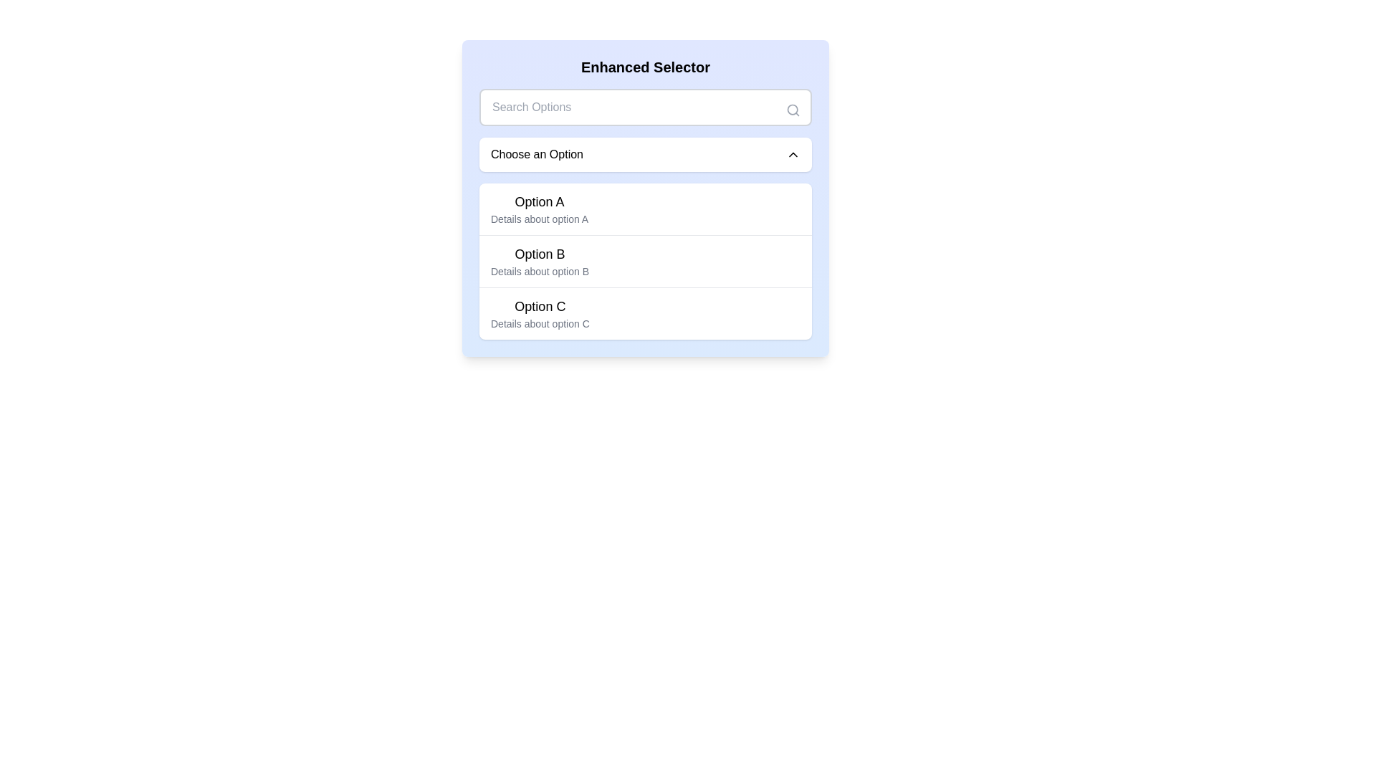 This screenshot has height=774, width=1376. What do you see at coordinates (539, 253) in the screenshot?
I see `the 'Option B' label text in the second row of the dropdown menu, which is displayed in bold, medium-sized font` at bounding box center [539, 253].